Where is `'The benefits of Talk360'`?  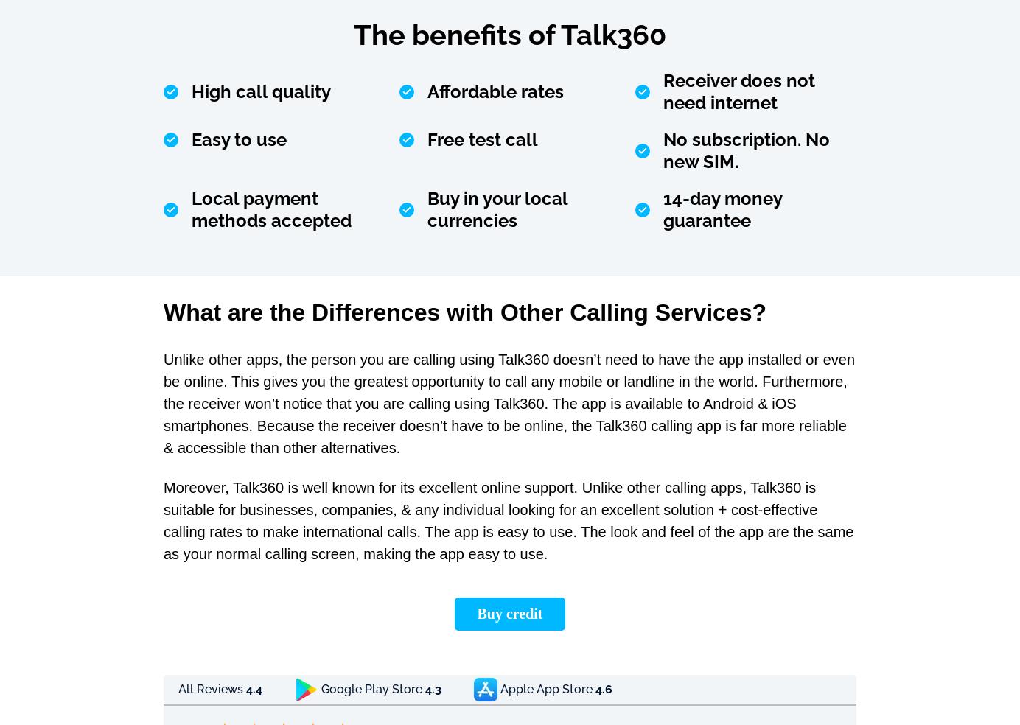 'The benefits of Talk360' is located at coordinates (510, 34).